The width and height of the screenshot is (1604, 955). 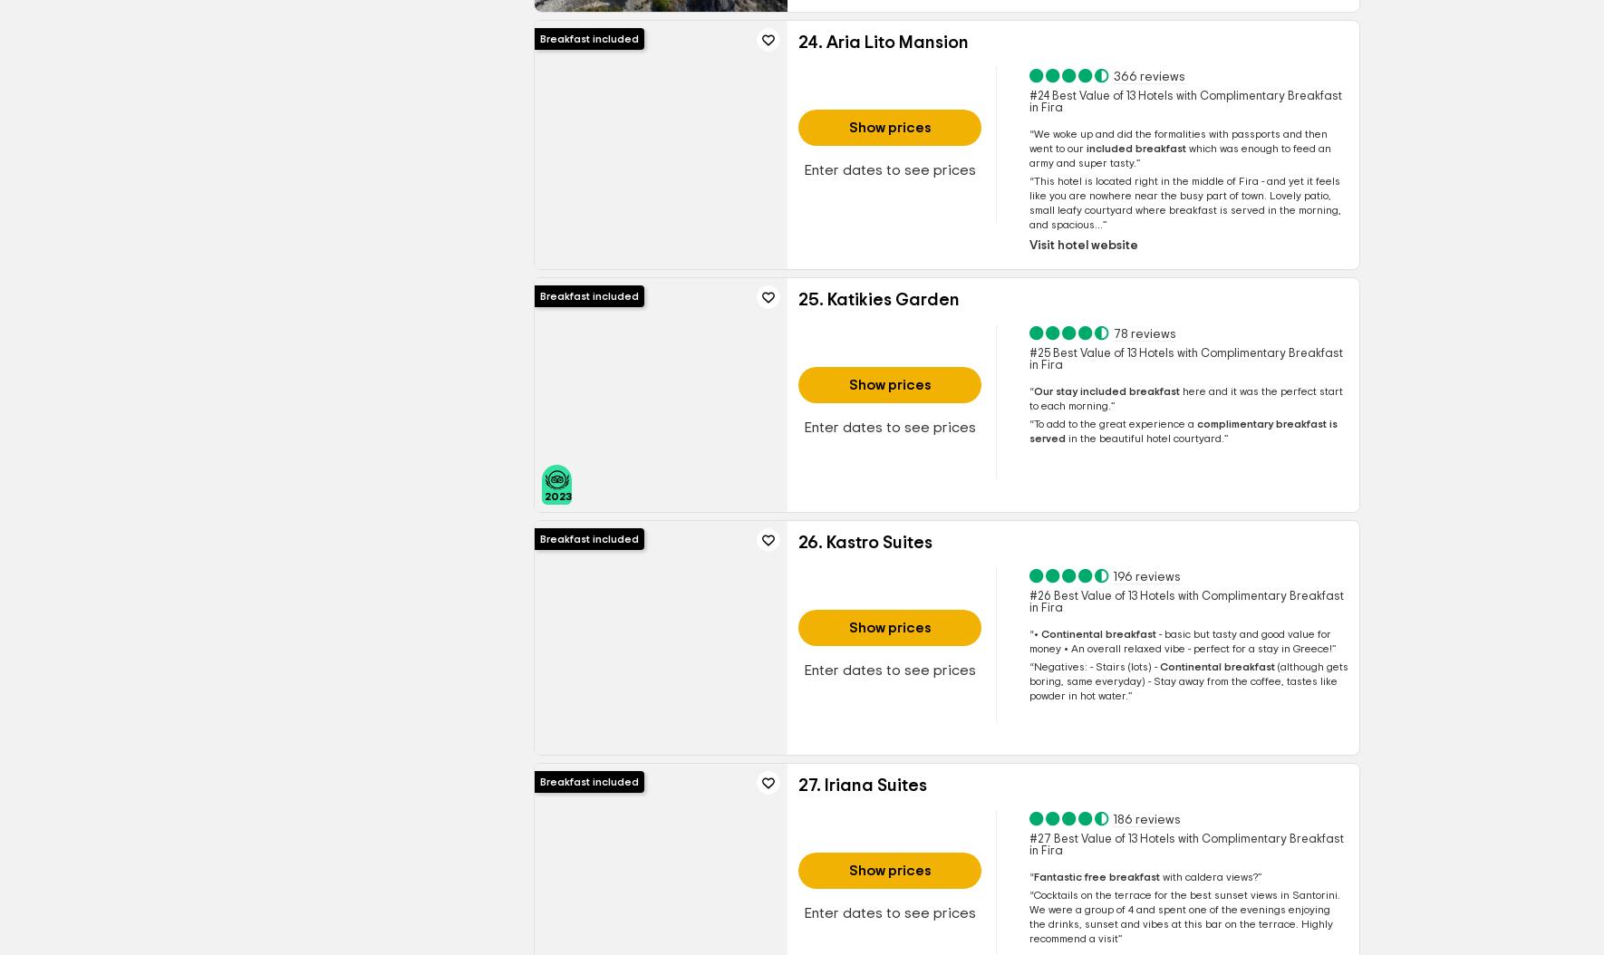 What do you see at coordinates (1158, 437) in the screenshot?
I see `'beautiful hotel courtyard.'` at bounding box center [1158, 437].